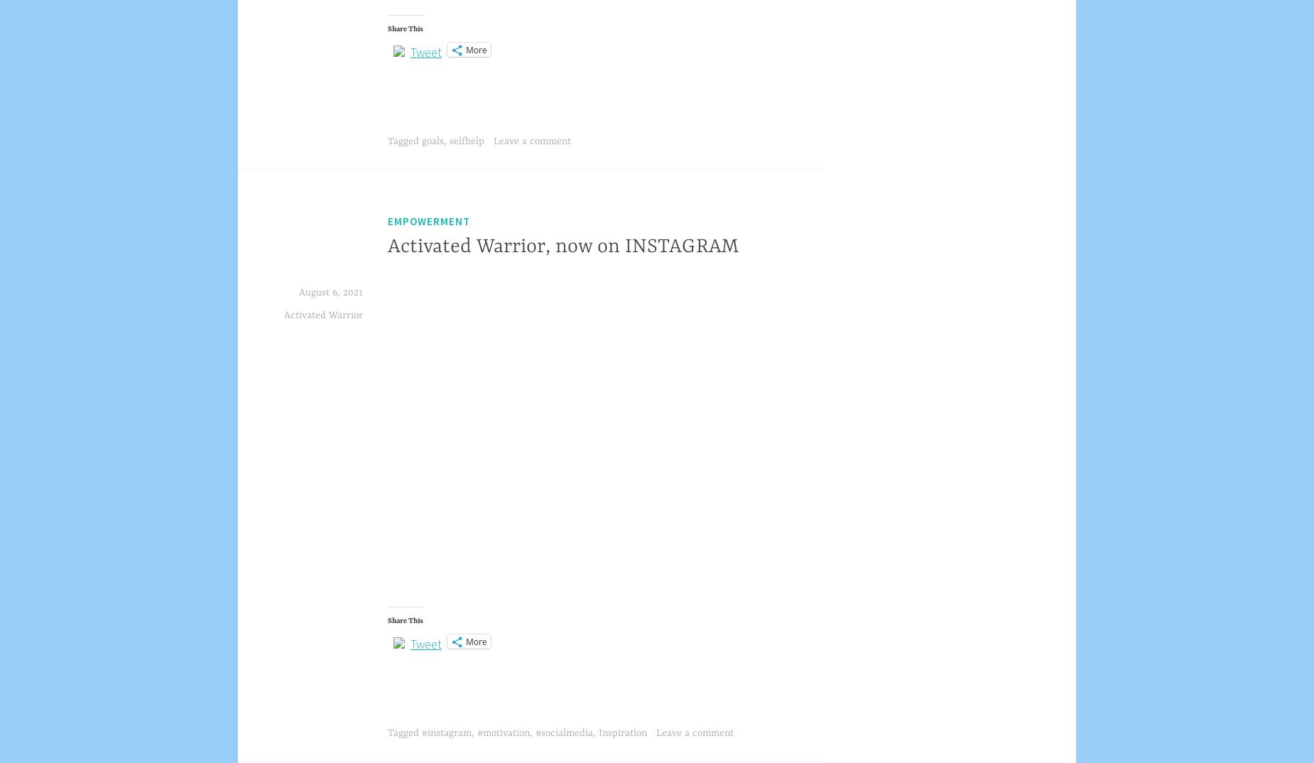 This screenshot has width=1314, height=763. I want to click on 'Inspiration', so click(599, 733).